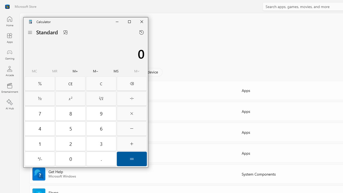 This screenshot has width=343, height=193. Describe the element at coordinates (141, 32) in the screenshot. I see `'Open history flyout'` at that location.